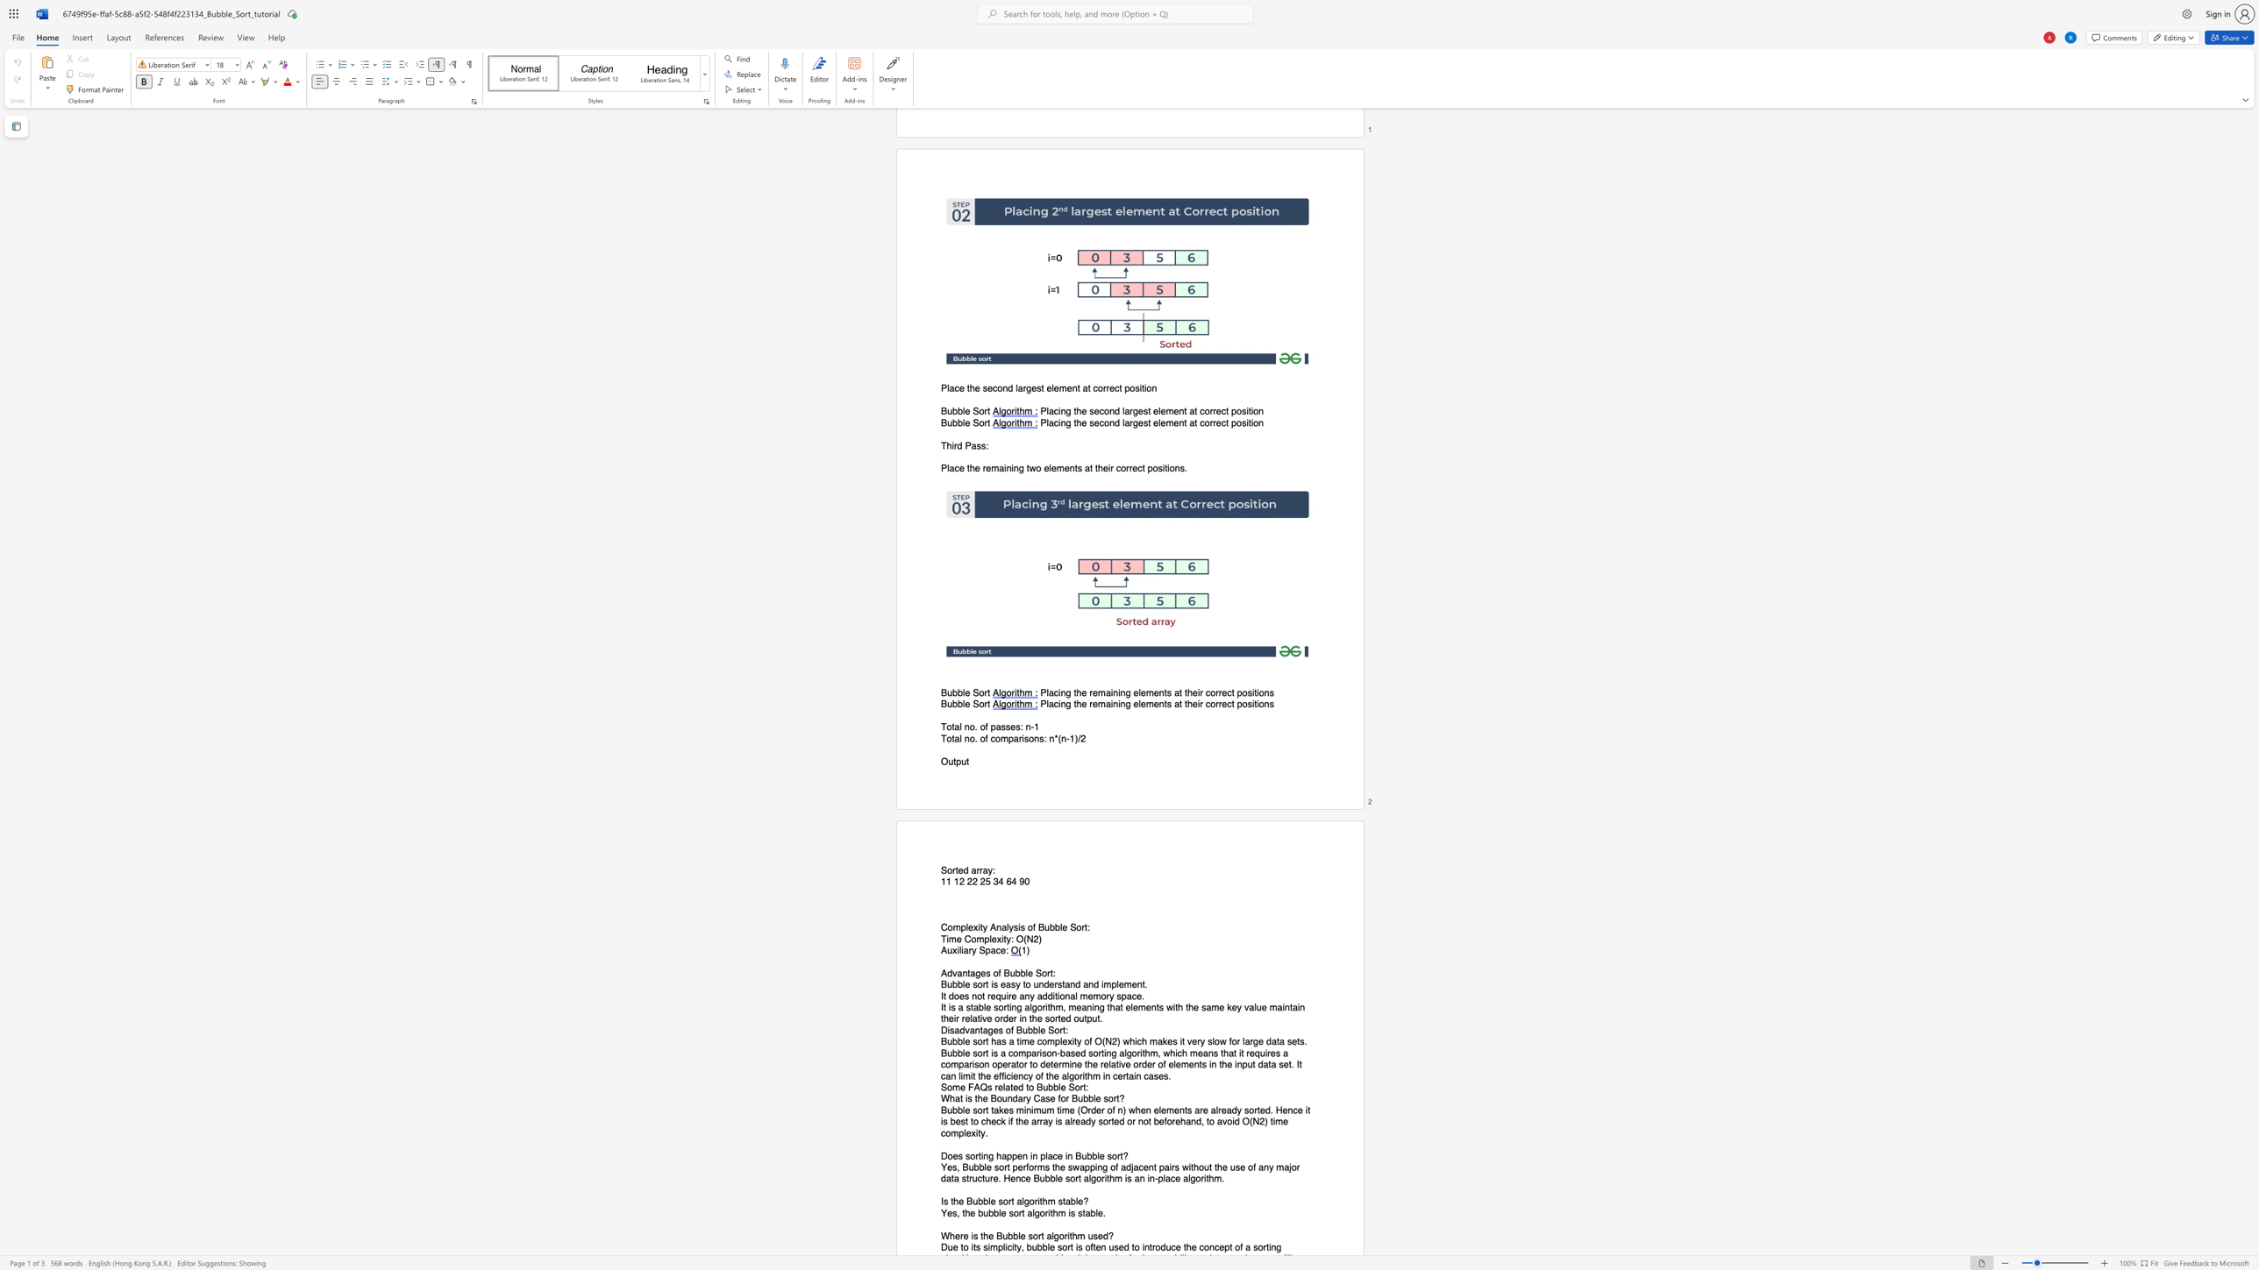  What do you see at coordinates (997, 1201) in the screenshot?
I see `the subset text "sort algorithm s" within the text "Is the Bubble sort algorithm stable?"` at bounding box center [997, 1201].